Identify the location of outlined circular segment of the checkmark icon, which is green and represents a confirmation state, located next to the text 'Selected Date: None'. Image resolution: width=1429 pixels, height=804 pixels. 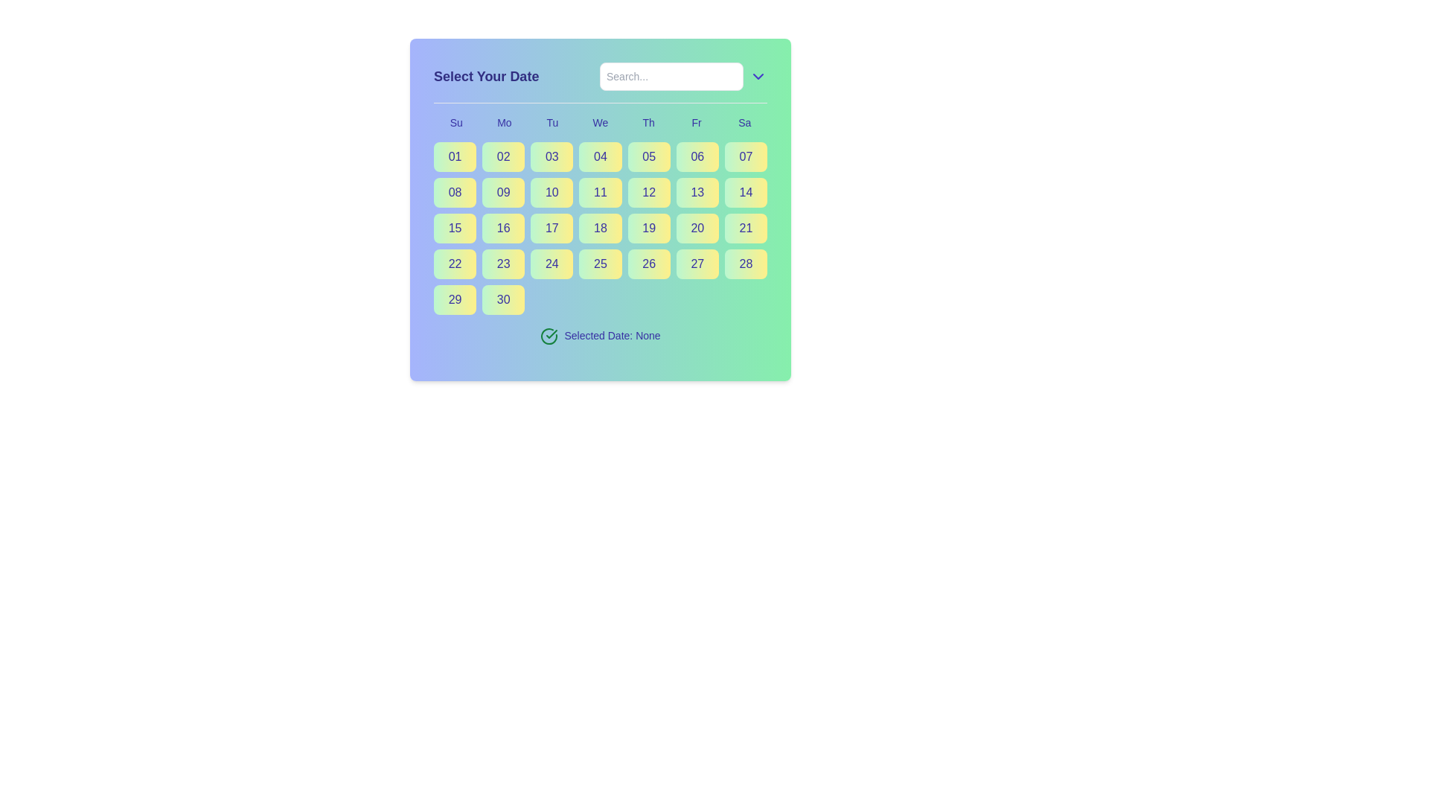
(549, 336).